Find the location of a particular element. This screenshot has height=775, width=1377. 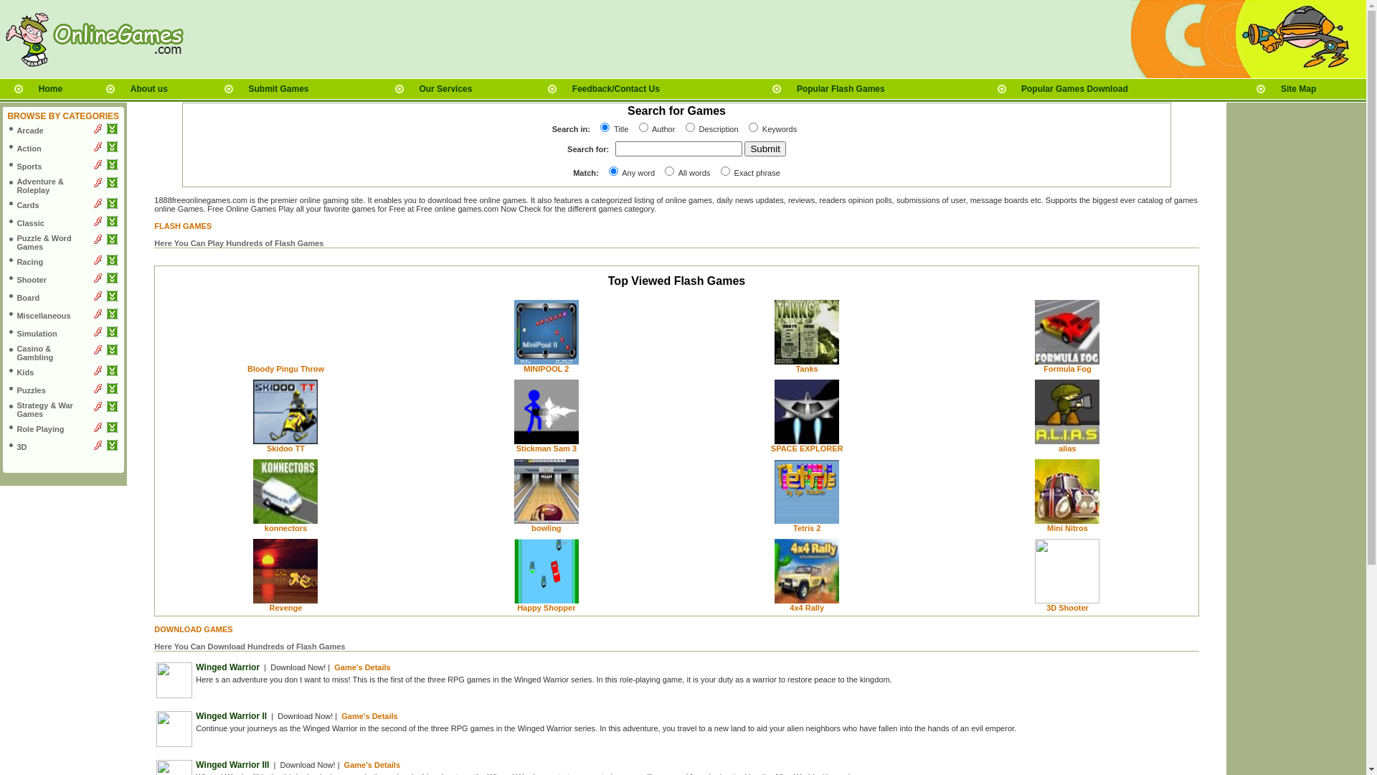

'Game's Details' is located at coordinates (361, 667).